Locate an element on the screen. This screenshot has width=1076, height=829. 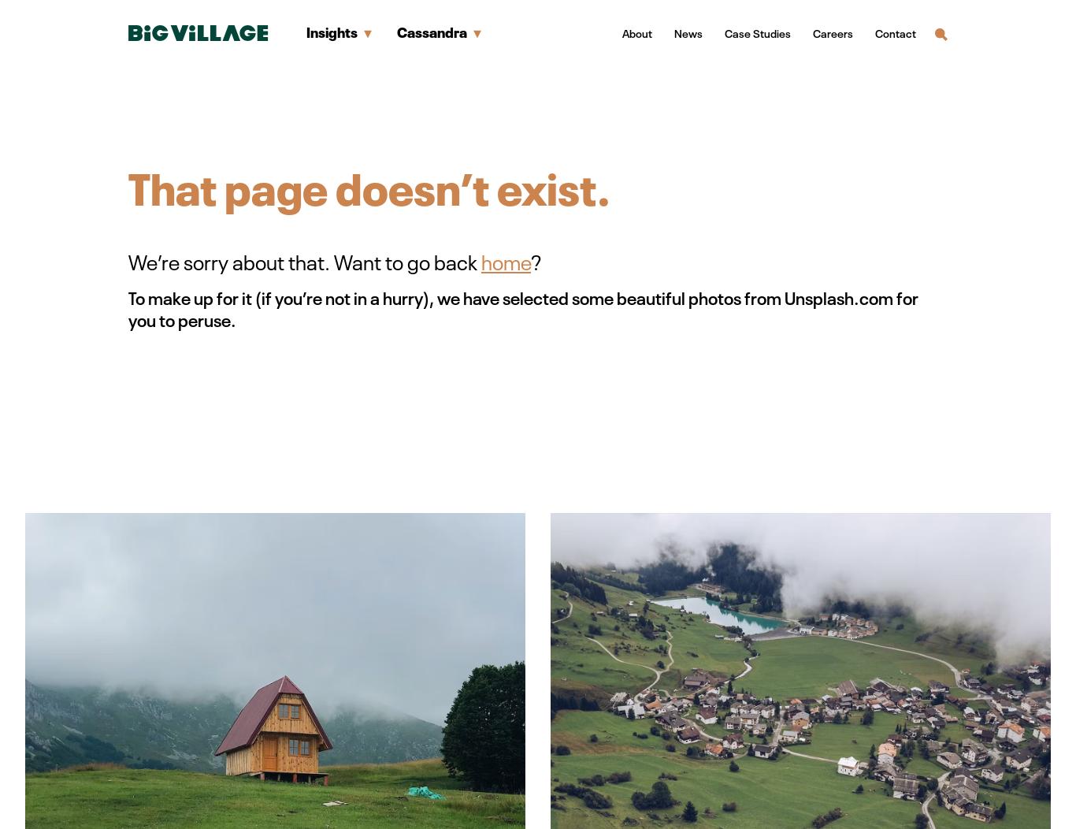
'home' is located at coordinates (505, 260).